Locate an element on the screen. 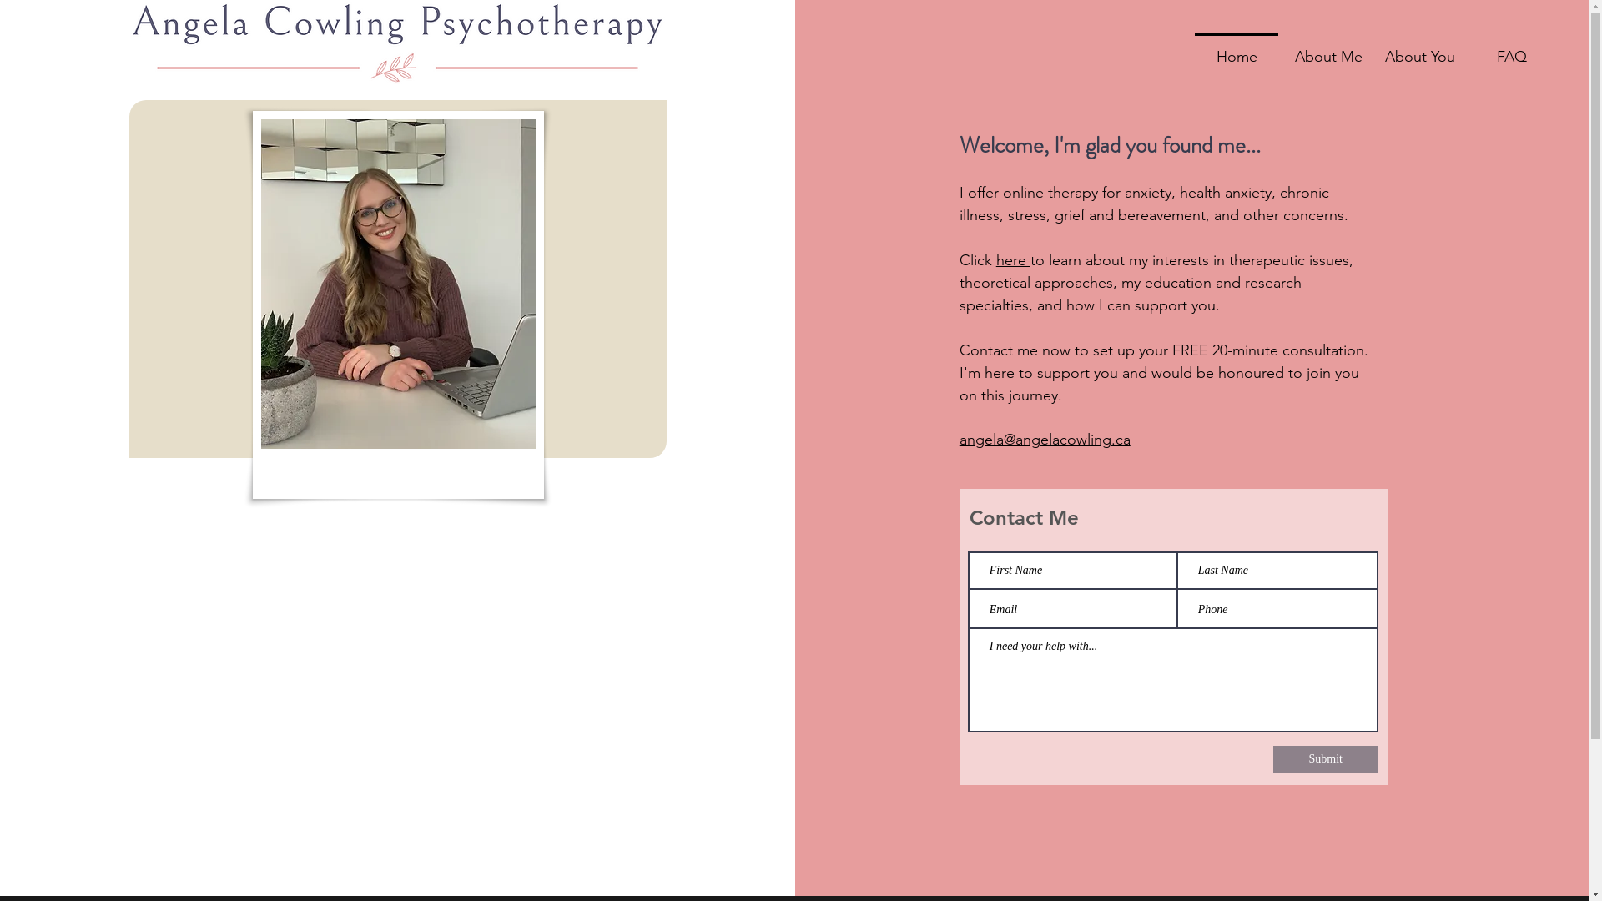 This screenshot has width=1602, height=901. 'FAQ' is located at coordinates (1512, 48).